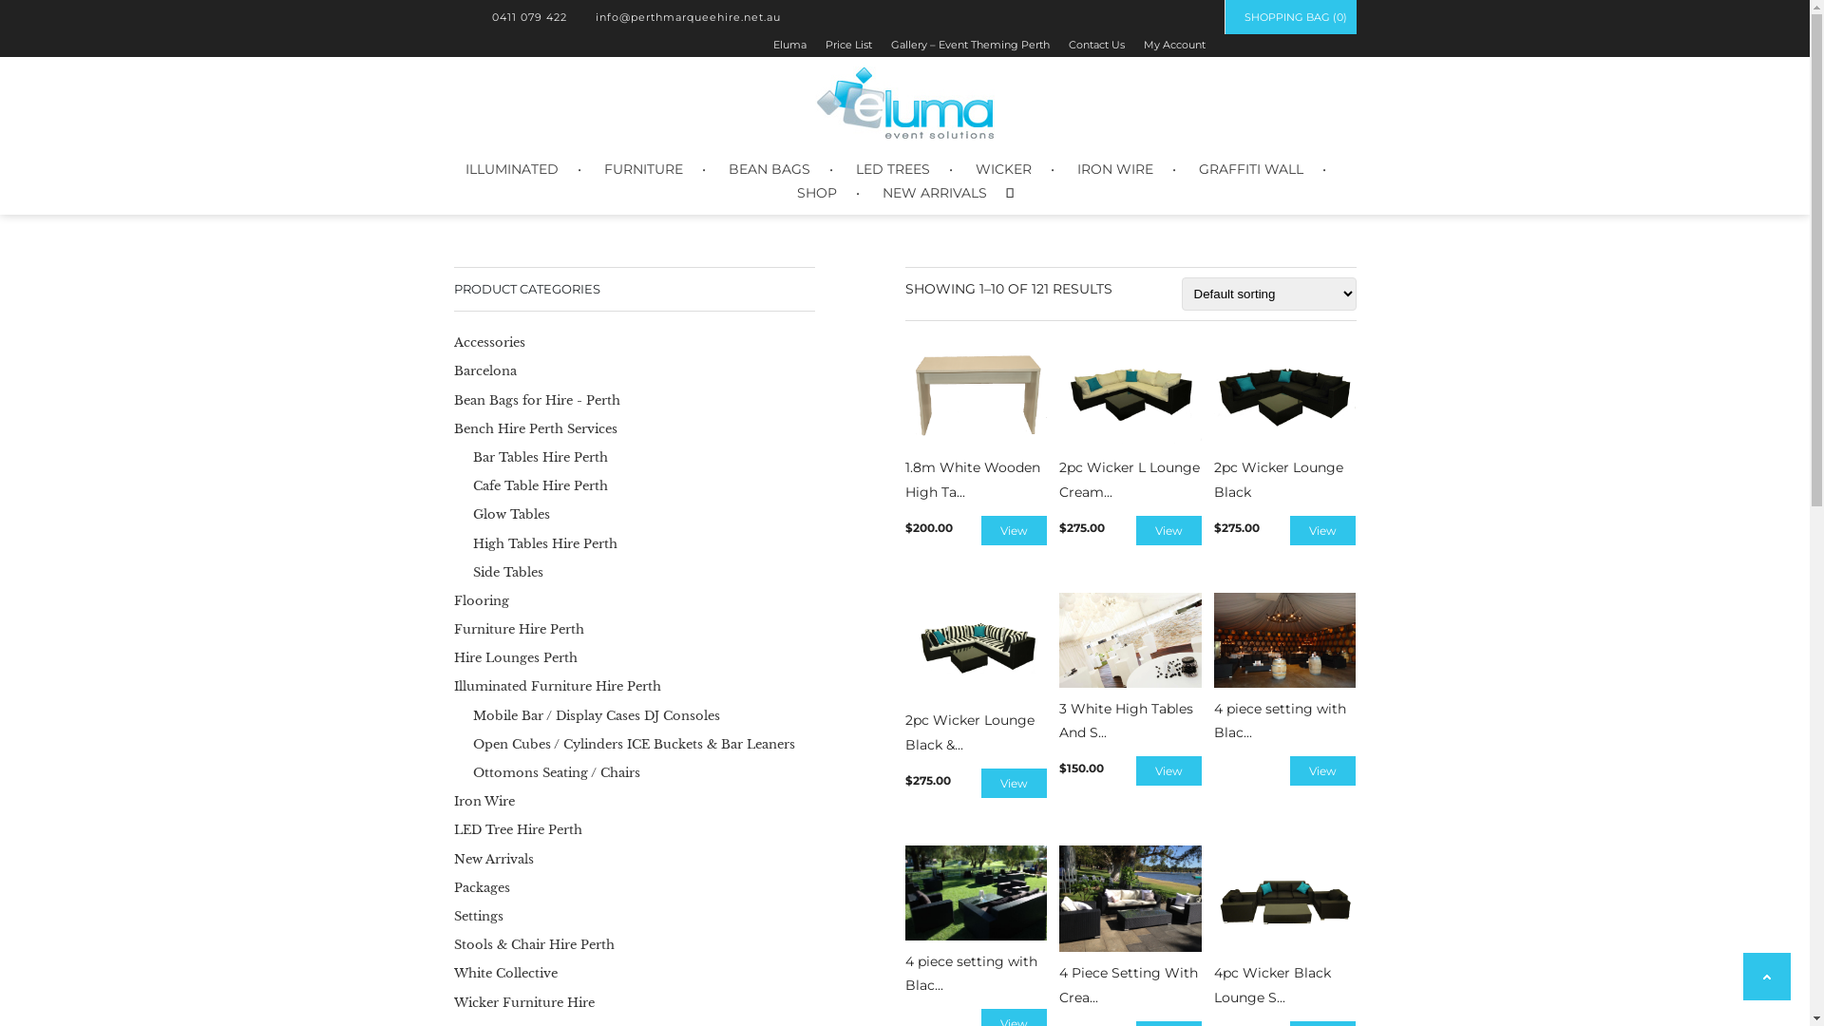 Image resolution: width=1824 pixels, height=1026 pixels. What do you see at coordinates (682, 17) in the screenshot?
I see `'info@perthmarqueehire.net.au'` at bounding box center [682, 17].